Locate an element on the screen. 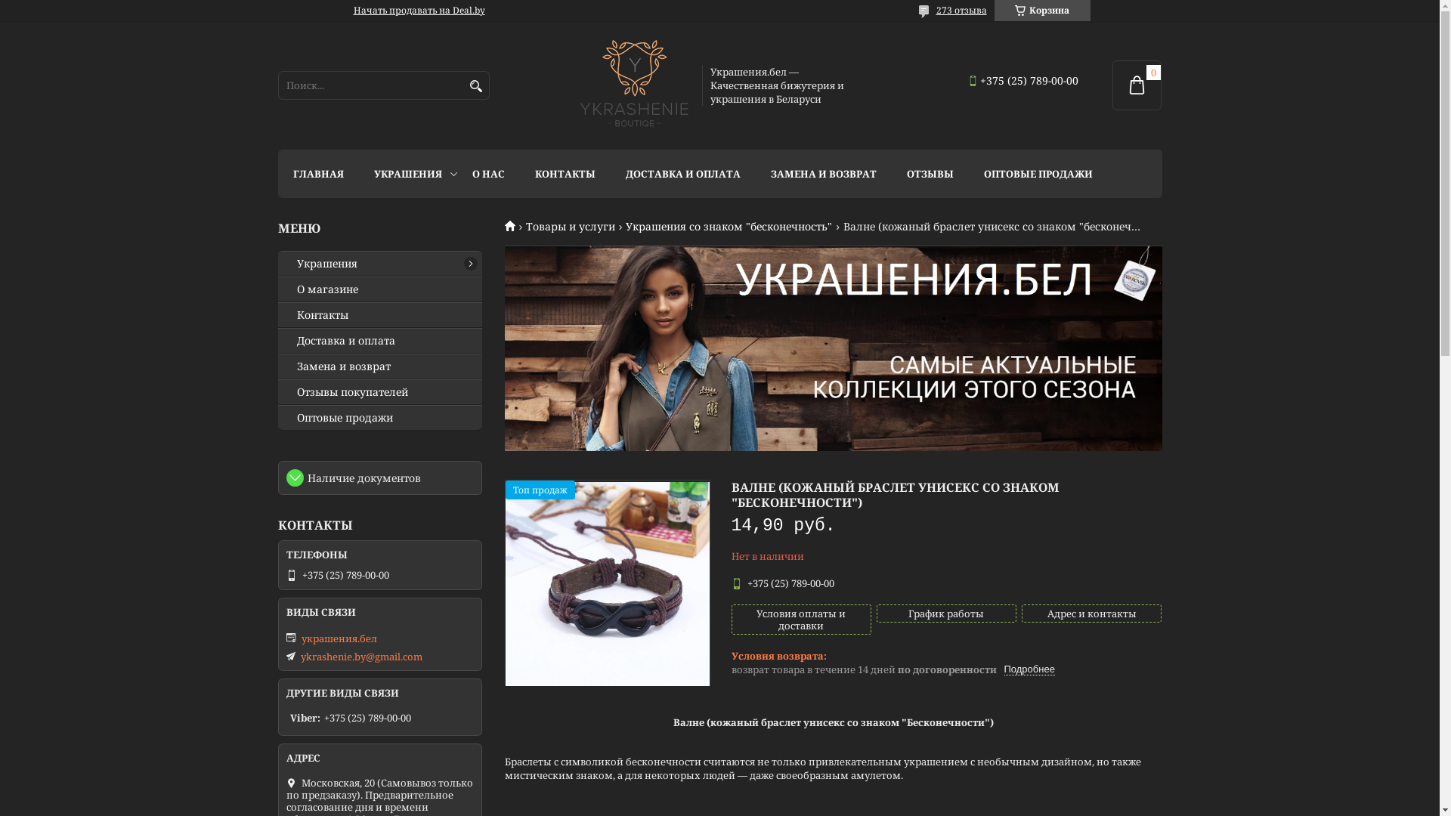 This screenshot has height=816, width=1451. 'ykrashenie.by@gmail.com' is located at coordinates (301, 655).